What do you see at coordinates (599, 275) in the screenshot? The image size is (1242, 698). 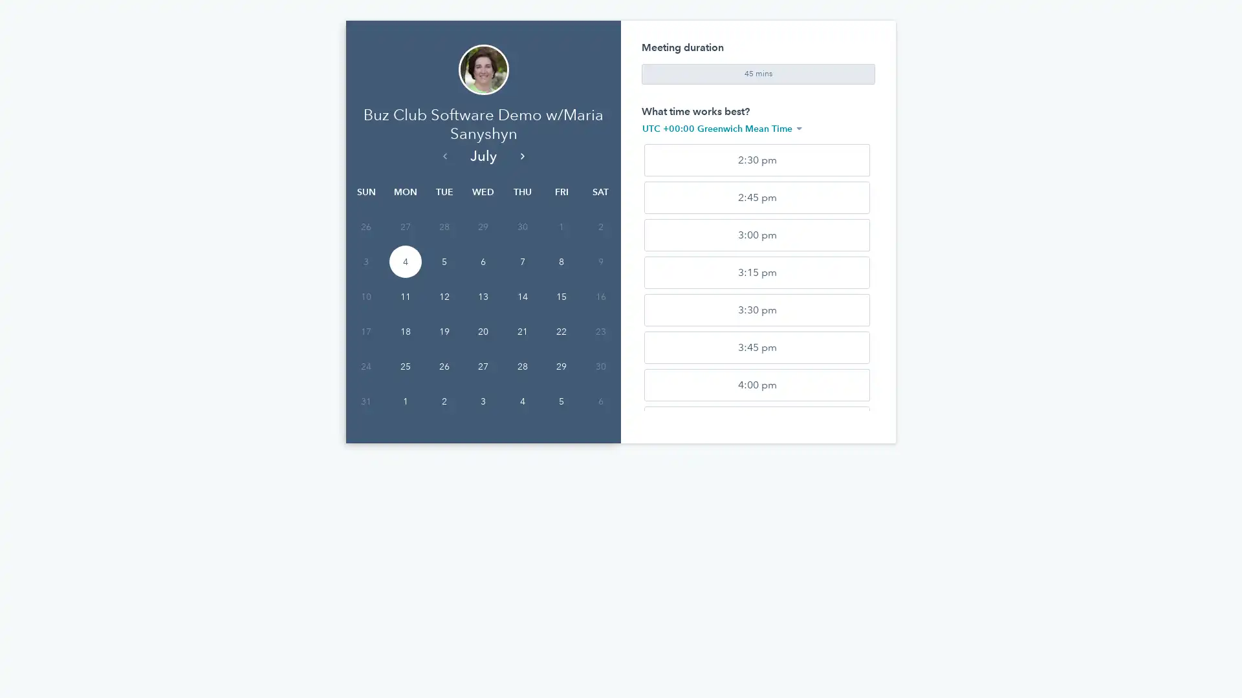 I see `July 2nd` at bounding box center [599, 275].